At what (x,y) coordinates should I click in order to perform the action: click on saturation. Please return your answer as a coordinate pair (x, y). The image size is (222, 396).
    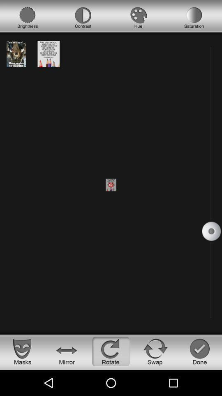
    Looking at the image, I should click on (194, 17).